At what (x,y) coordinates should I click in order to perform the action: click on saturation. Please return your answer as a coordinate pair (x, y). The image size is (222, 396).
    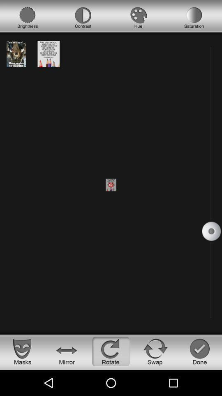
    Looking at the image, I should click on (194, 17).